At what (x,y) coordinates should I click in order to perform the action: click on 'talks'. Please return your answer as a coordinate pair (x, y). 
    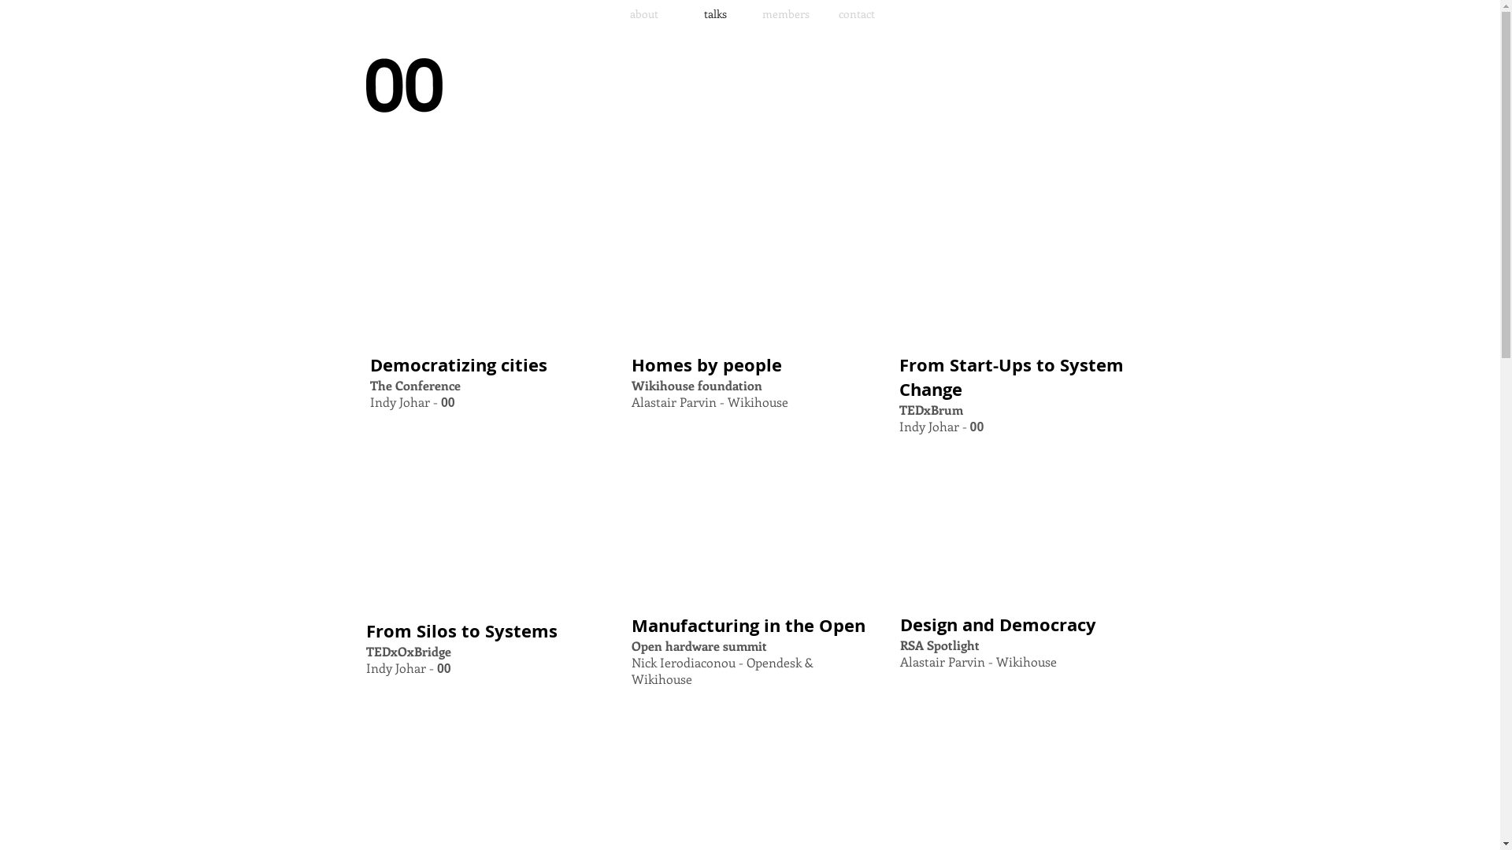
    Looking at the image, I should click on (713, 14).